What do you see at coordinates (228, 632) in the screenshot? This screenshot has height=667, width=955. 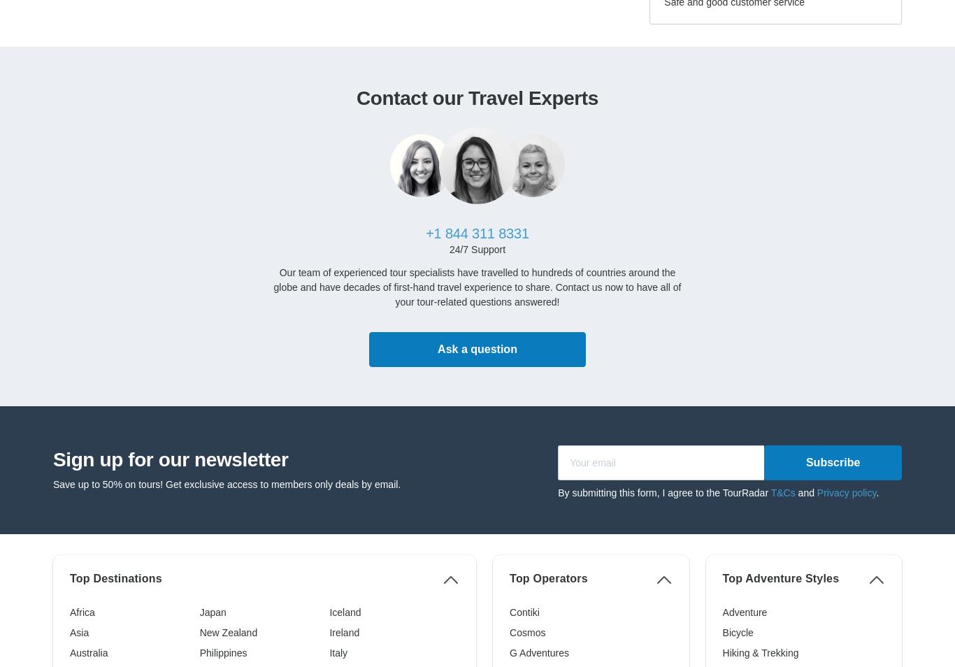 I see `'New Zealand'` at bounding box center [228, 632].